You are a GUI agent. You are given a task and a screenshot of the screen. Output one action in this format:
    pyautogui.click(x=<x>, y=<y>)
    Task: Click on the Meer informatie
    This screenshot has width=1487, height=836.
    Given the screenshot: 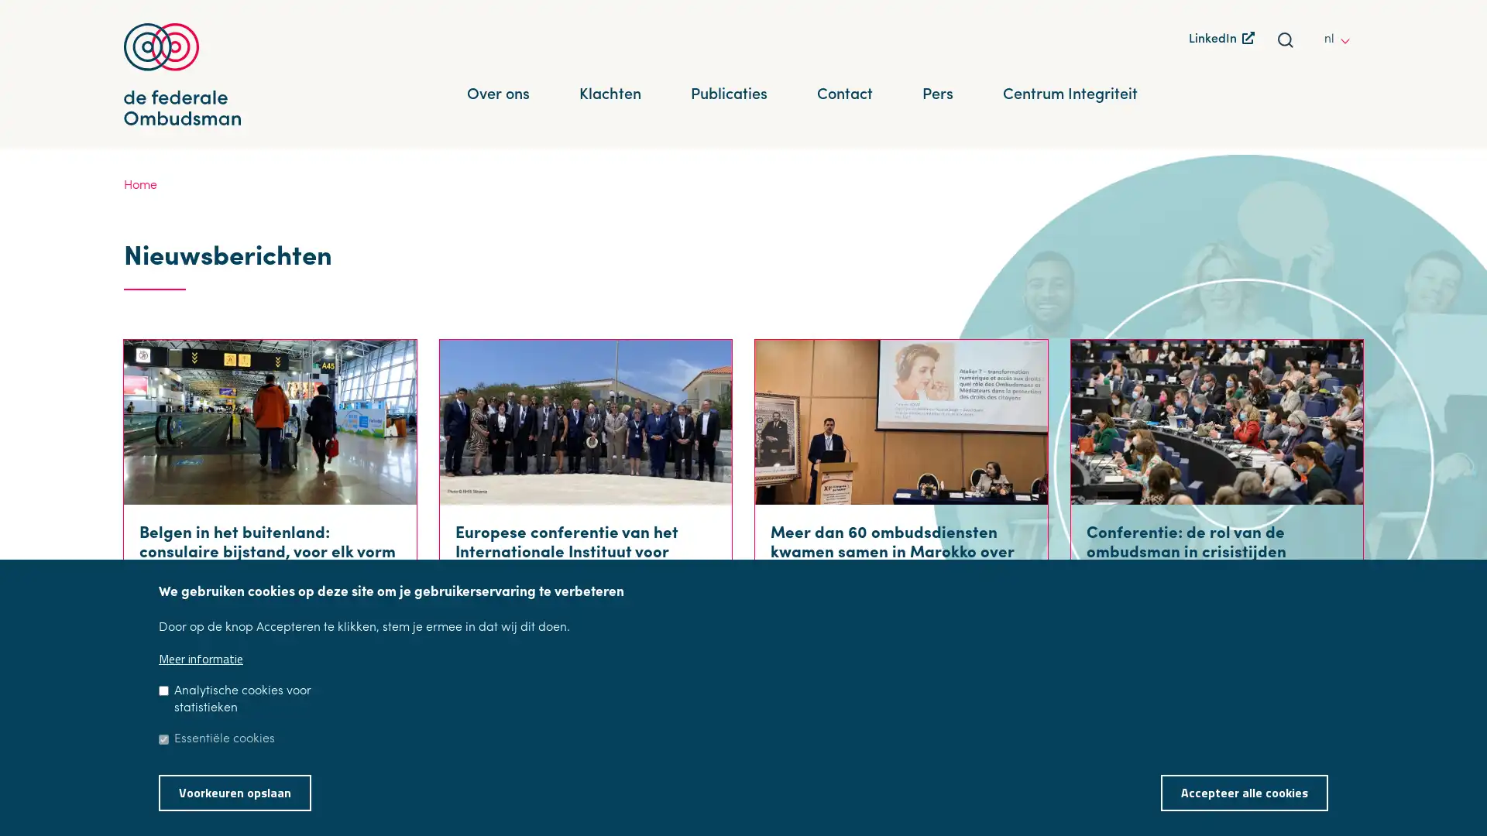 What is the action you would take?
    pyautogui.click(x=200, y=659)
    